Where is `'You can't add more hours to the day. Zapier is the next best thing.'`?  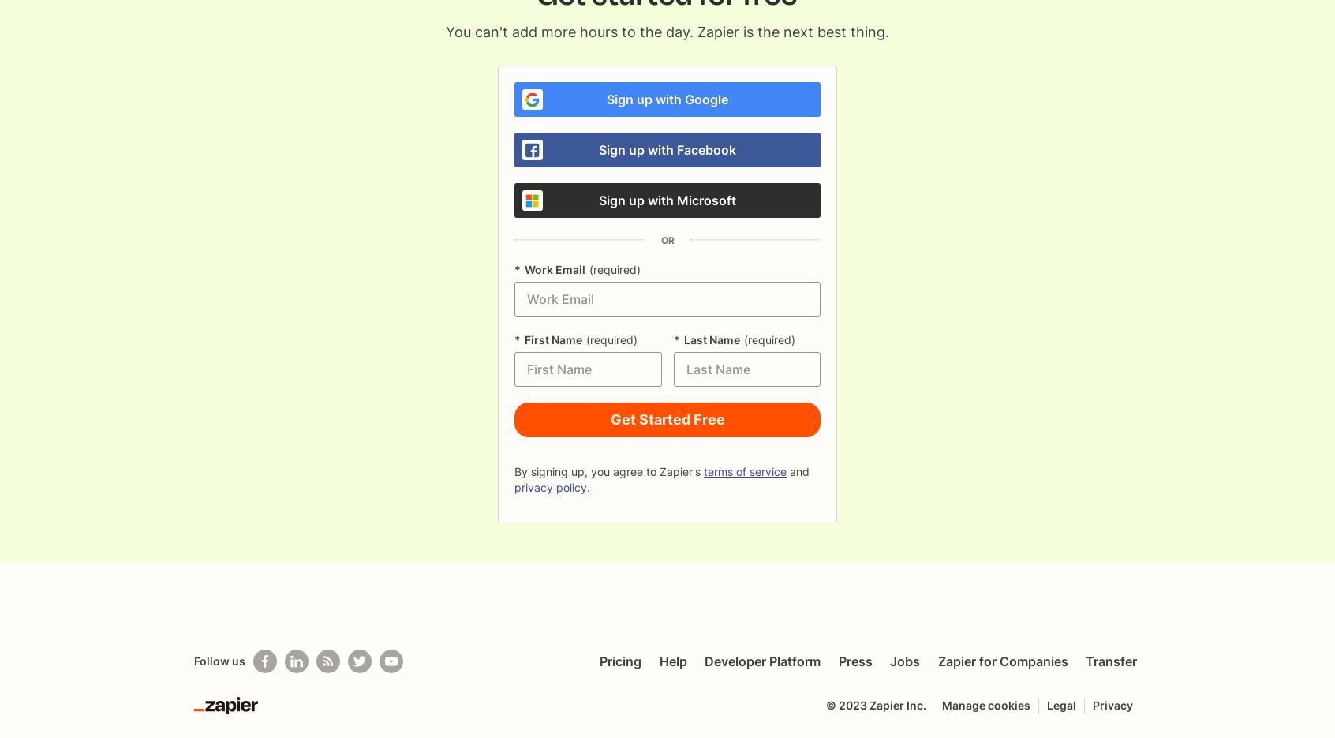 'You can't add more hours to the day. Zapier is the next best thing.' is located at coordinates (667, 31).